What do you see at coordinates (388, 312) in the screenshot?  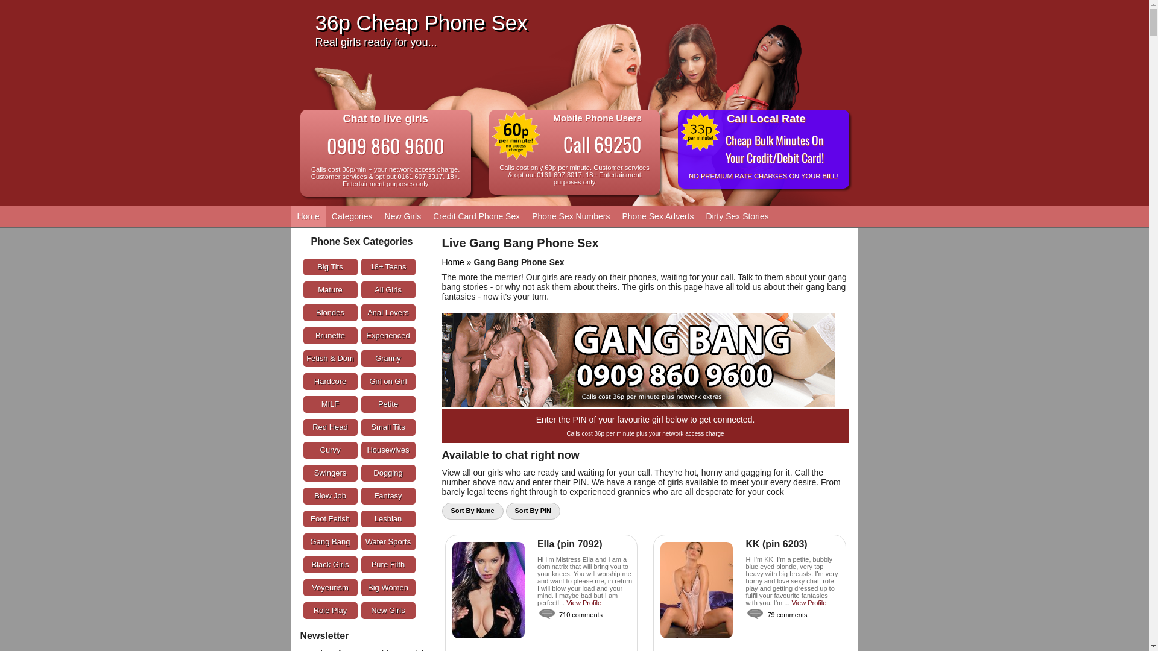 I see `'Anal Lovers'` at bounding box center [388, 312].